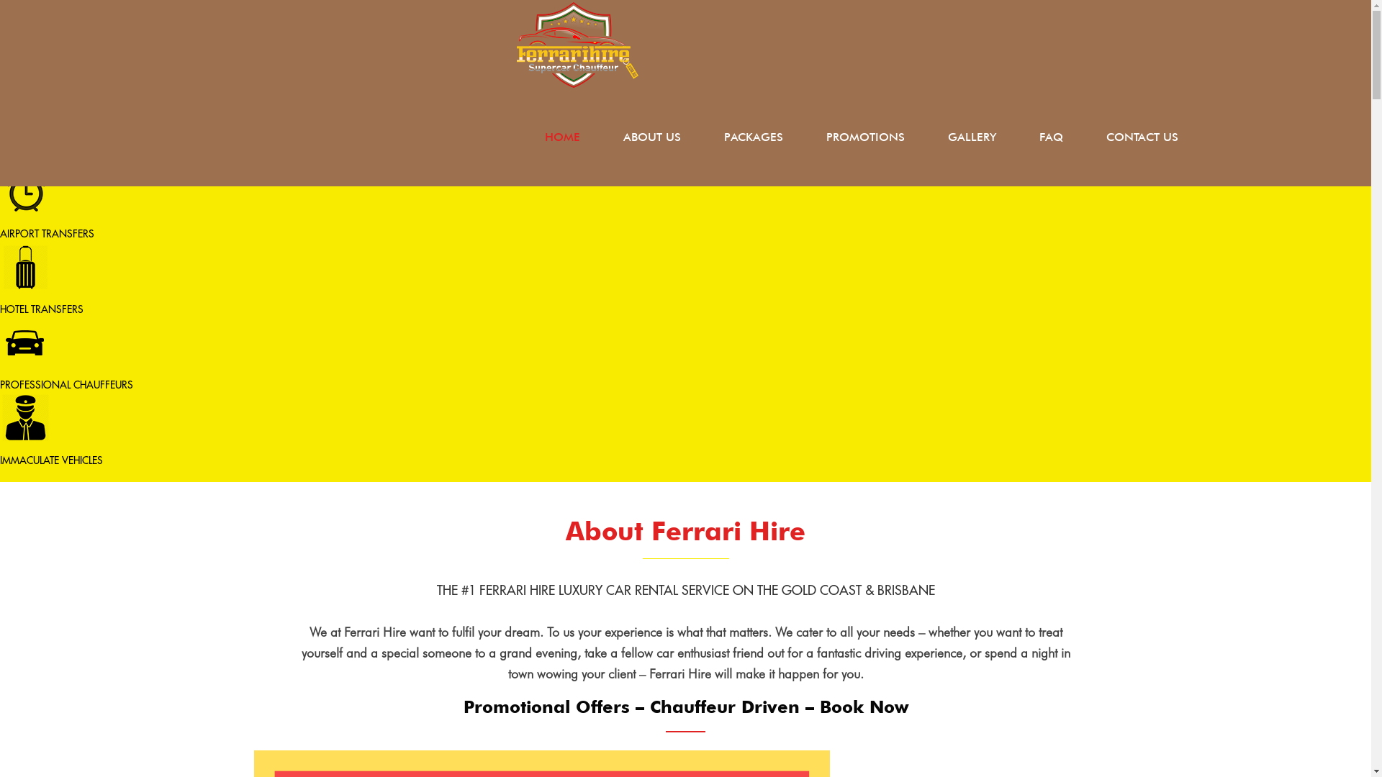  What do you see at coordinates (522, 137) in the screenshot?
I see `'HOME'` at bounding box center [522, 137].